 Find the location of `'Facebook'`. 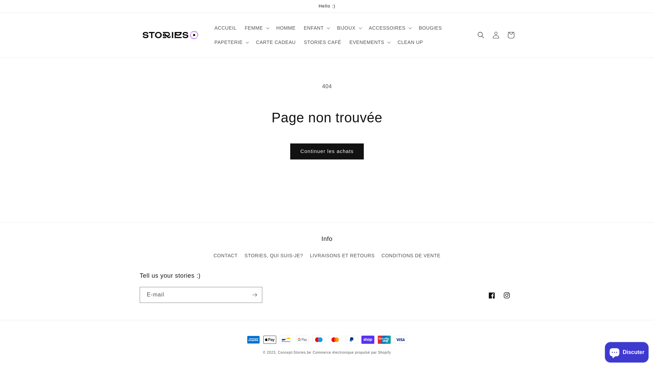

'Facebook' is located at coordinates (492, 295).